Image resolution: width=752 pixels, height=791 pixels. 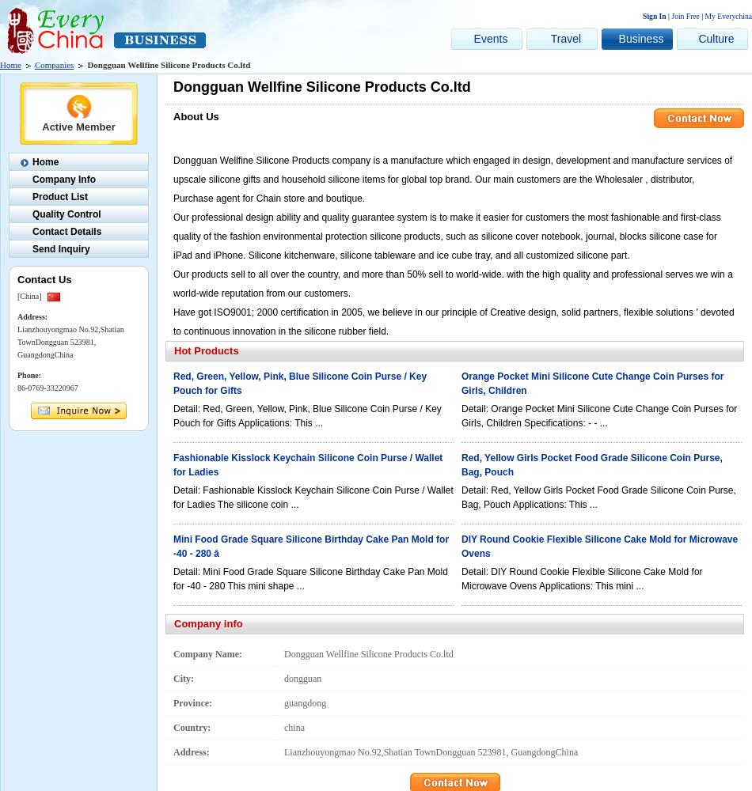 What do you see at coordinates (715, 39) in the screenshot?
I see `'Culture'` at bounding box center [715, 39].